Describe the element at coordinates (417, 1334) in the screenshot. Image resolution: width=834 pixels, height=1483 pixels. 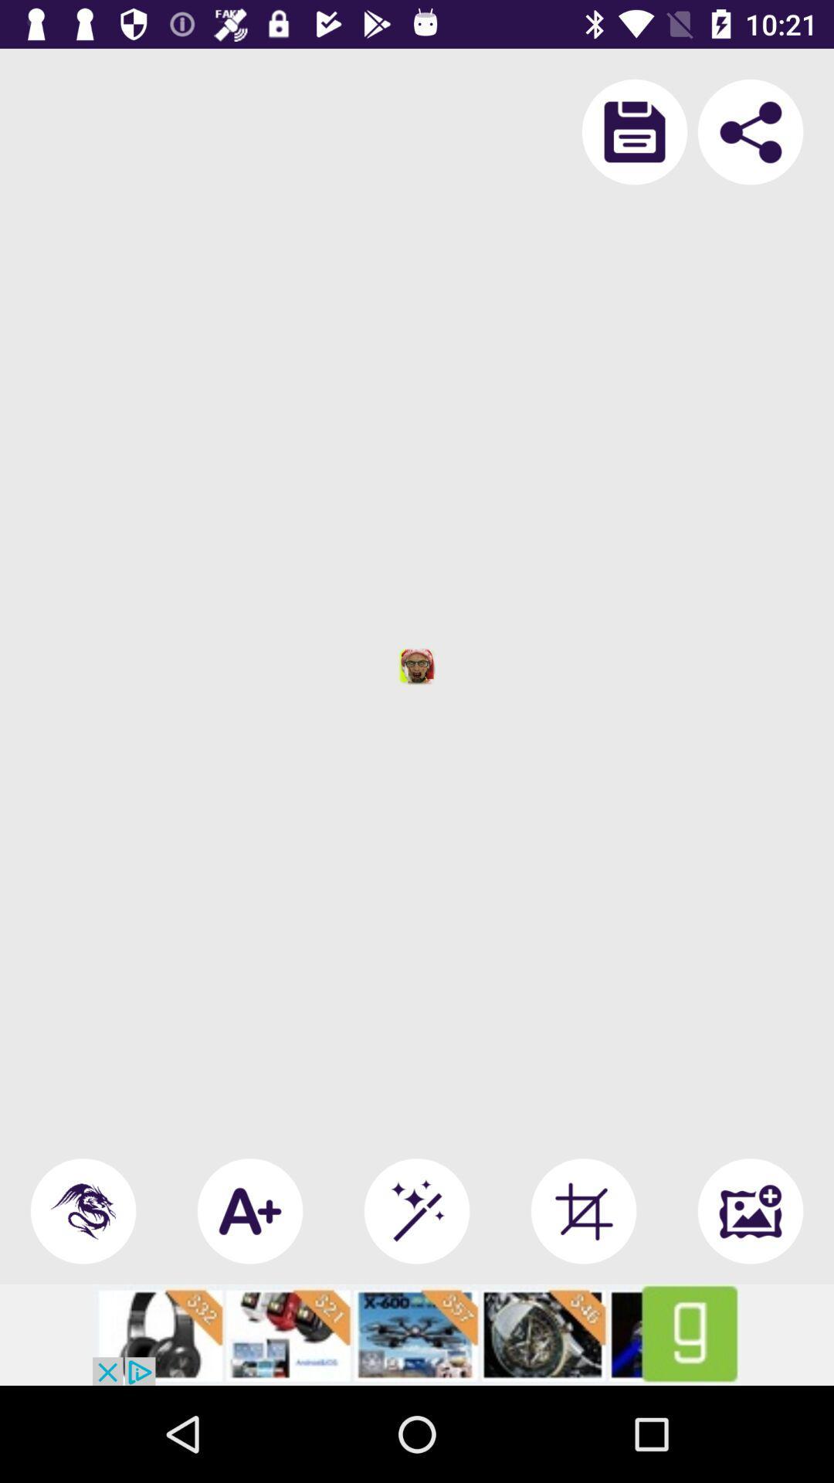
I see `advertiser site` at that location.